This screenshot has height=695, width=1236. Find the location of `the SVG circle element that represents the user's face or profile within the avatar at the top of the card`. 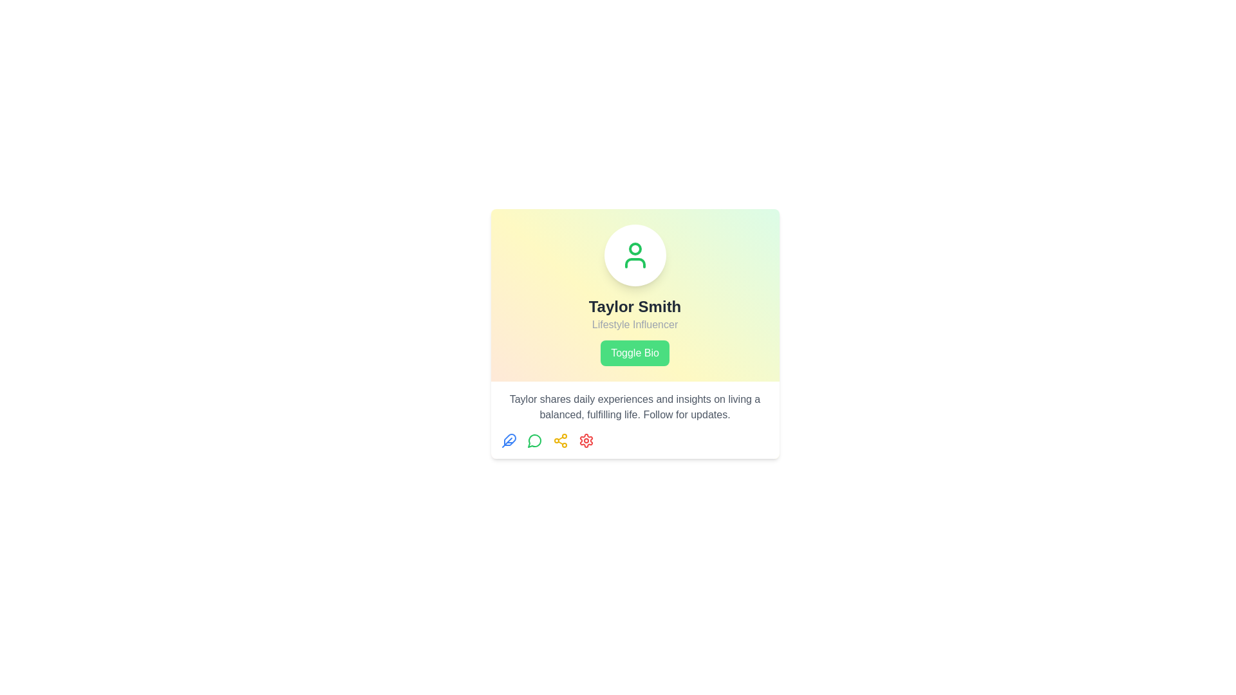

the SVG circle element that represents the user's face or profile within the avatar at the top of the card is located at coordinates (635, 248).